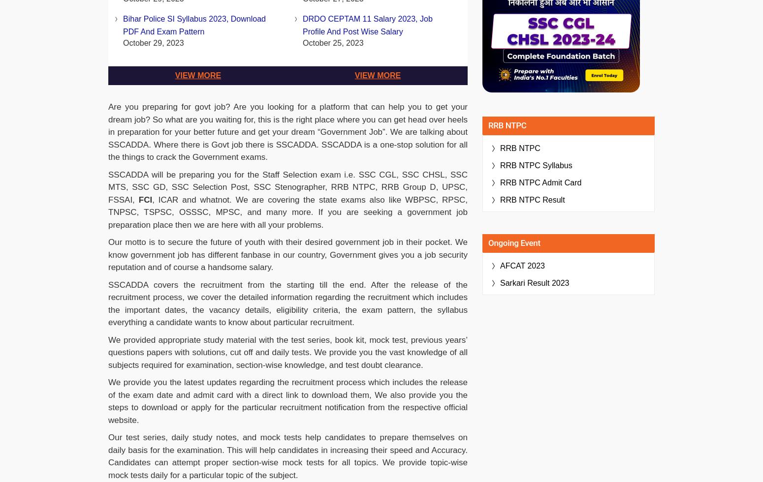  I want to click on 'Bihar Police SI Syllabus 2023, Download PDF and Exam Pattern', so click(194, 25).